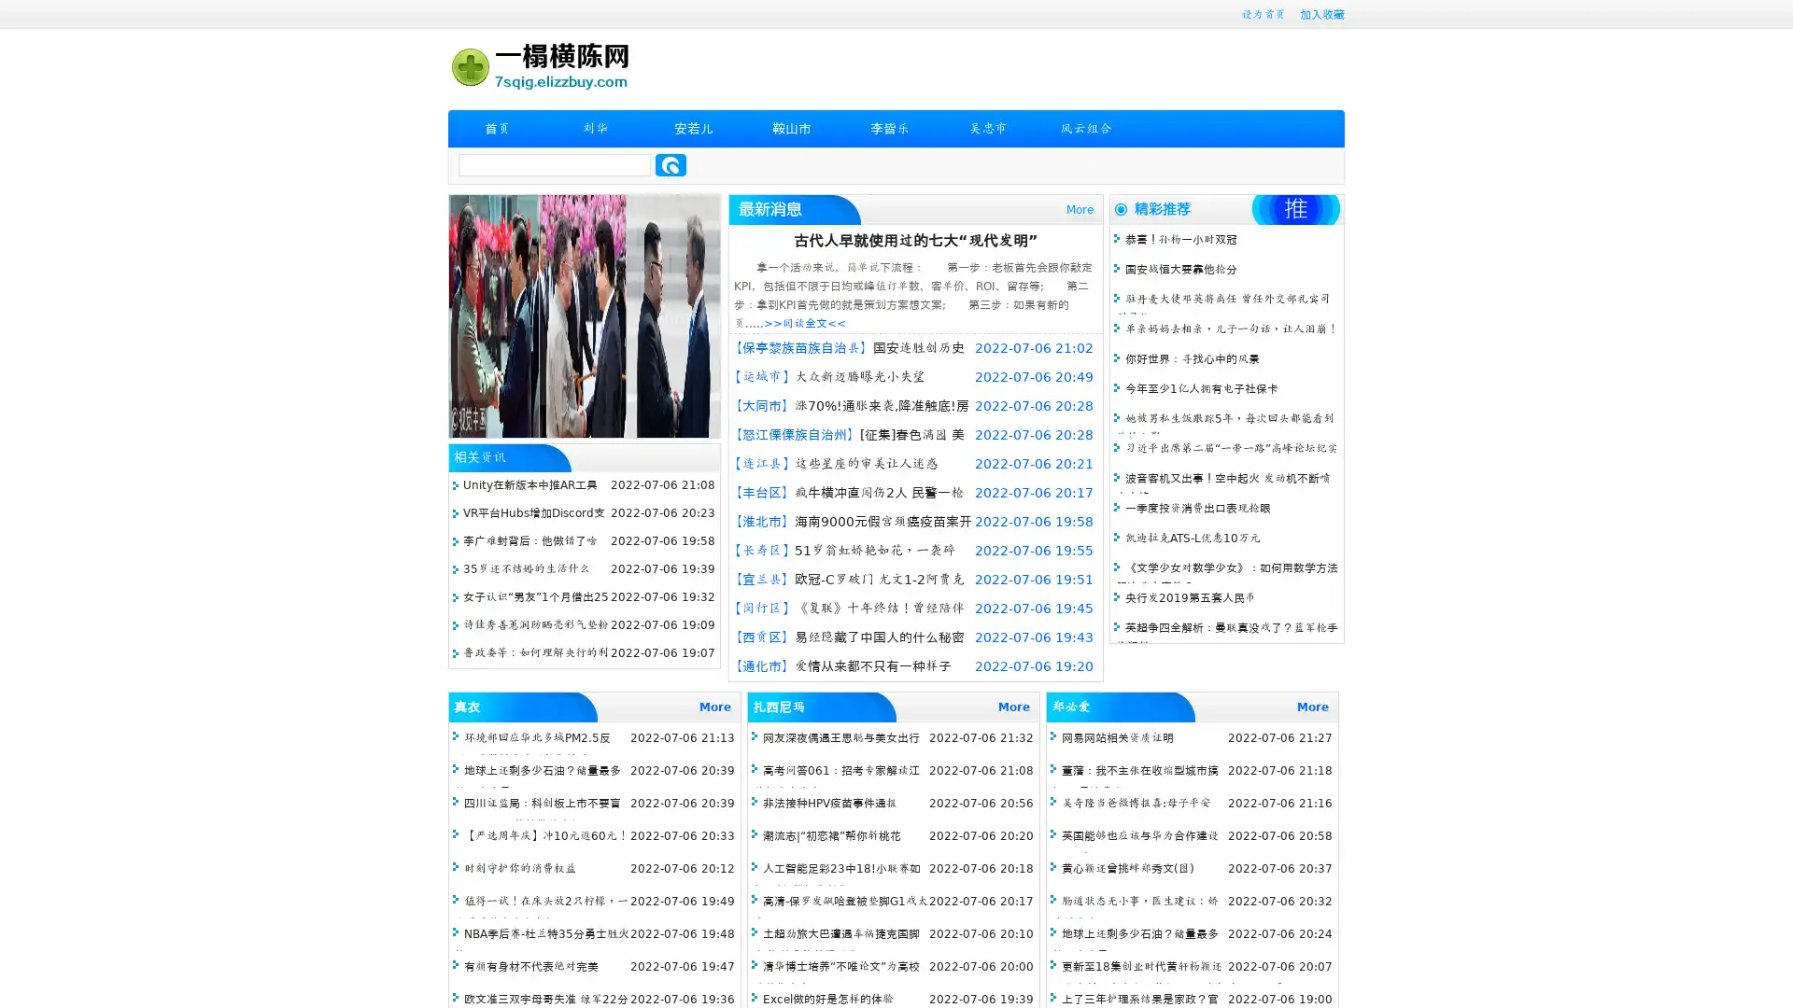  What do you see at coordinates (671, 164) in the screenshot?
I see `Search` at bounding box center [671, 164].